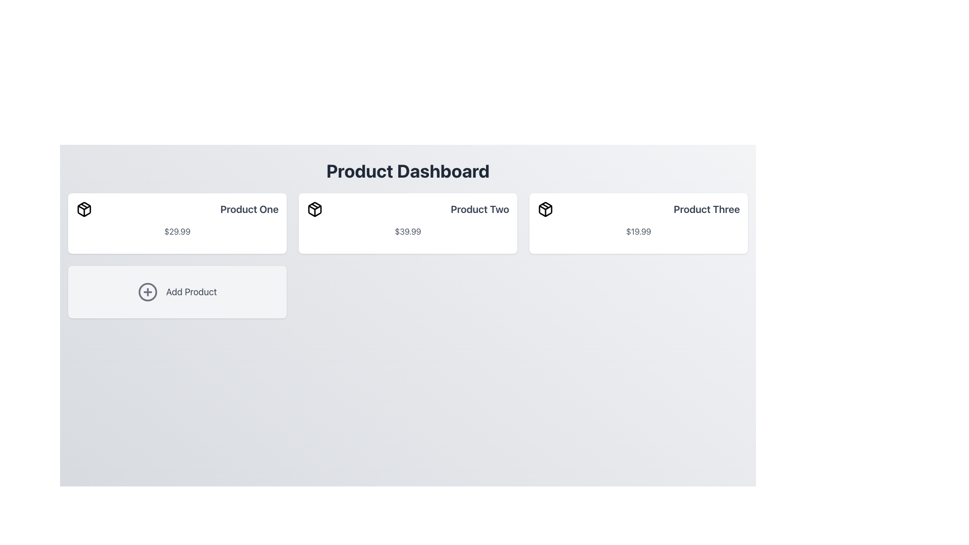 The image size is (969, 545). What do you see at coordinates (84, 209) in the screenshot?
I see `the decorative graphical icon located at the beginning of the 'Product One' card in the Product Dashboard layout` at bounding box center [84, 209].